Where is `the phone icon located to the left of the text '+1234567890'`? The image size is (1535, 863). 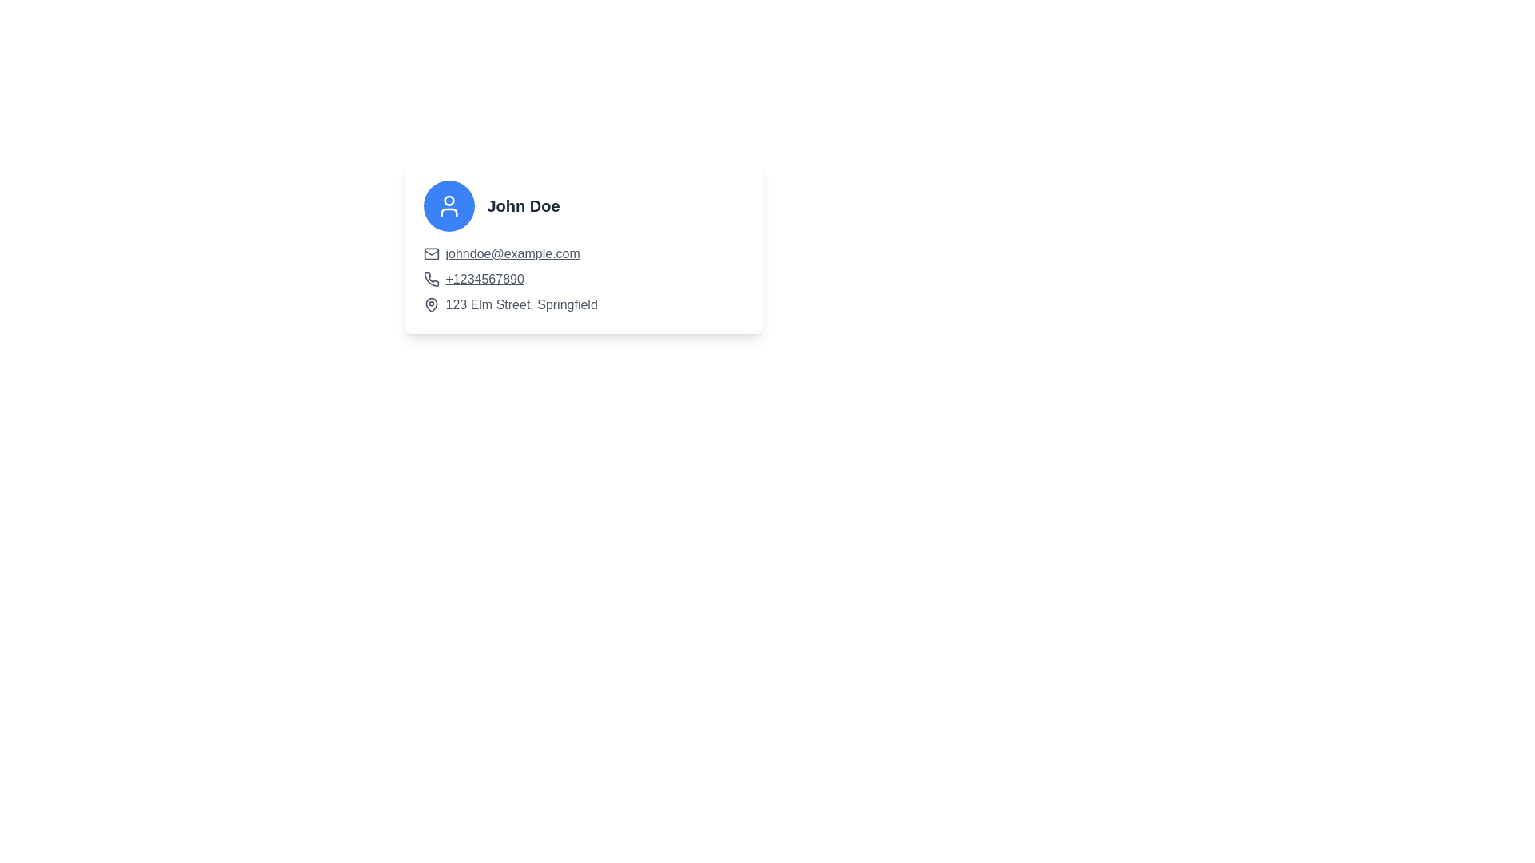 the phone icon located to the left of the text '+1234567890' is located at coordinates (431, 279).